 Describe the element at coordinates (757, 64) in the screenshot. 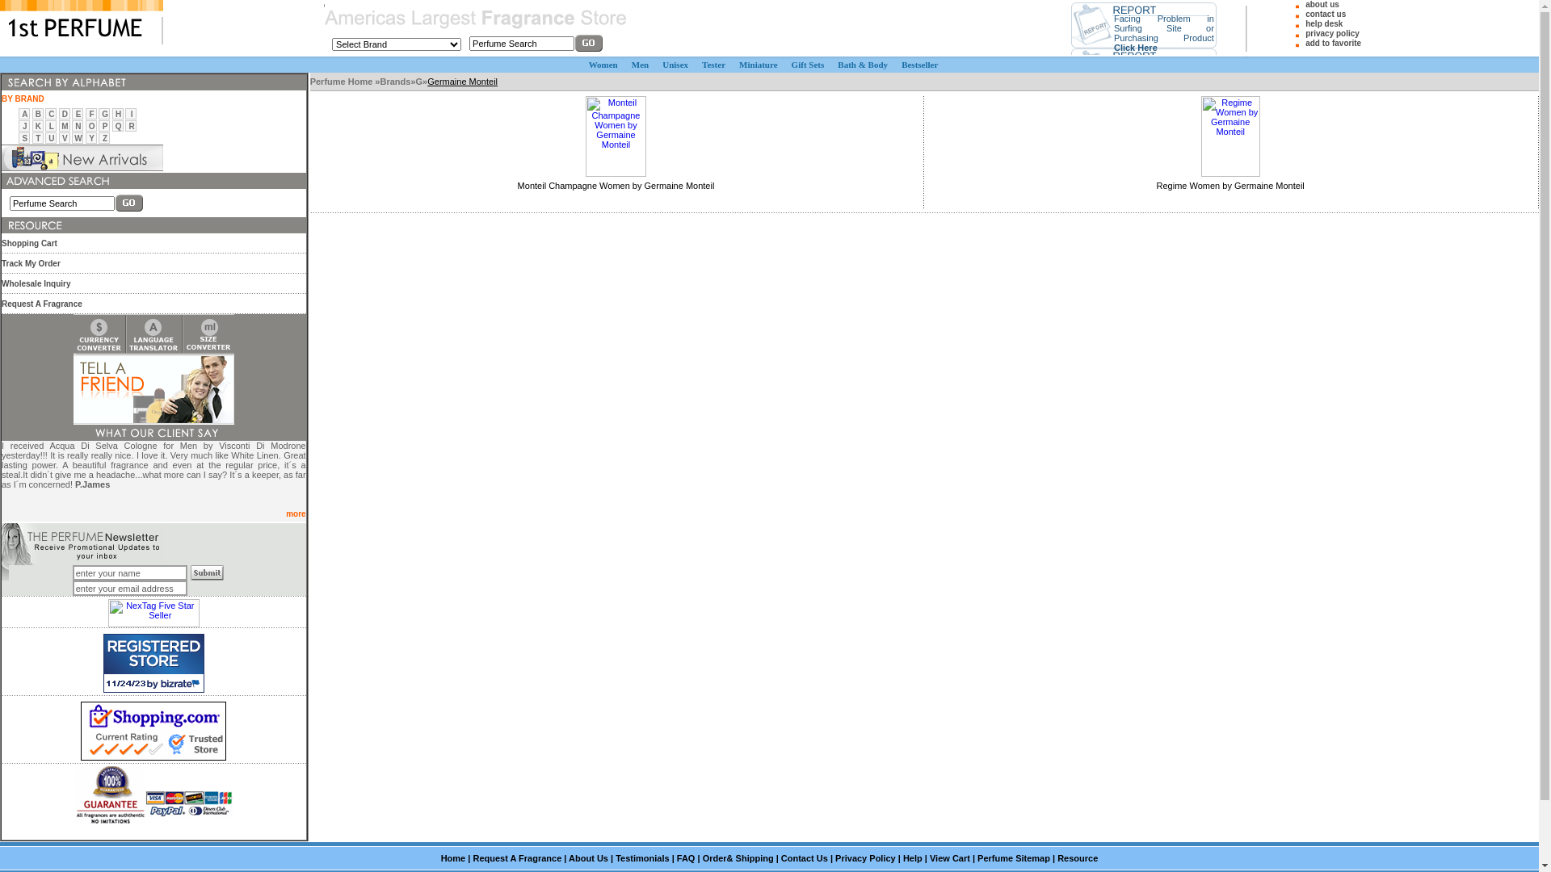

I see `'Miniature'` at that location.